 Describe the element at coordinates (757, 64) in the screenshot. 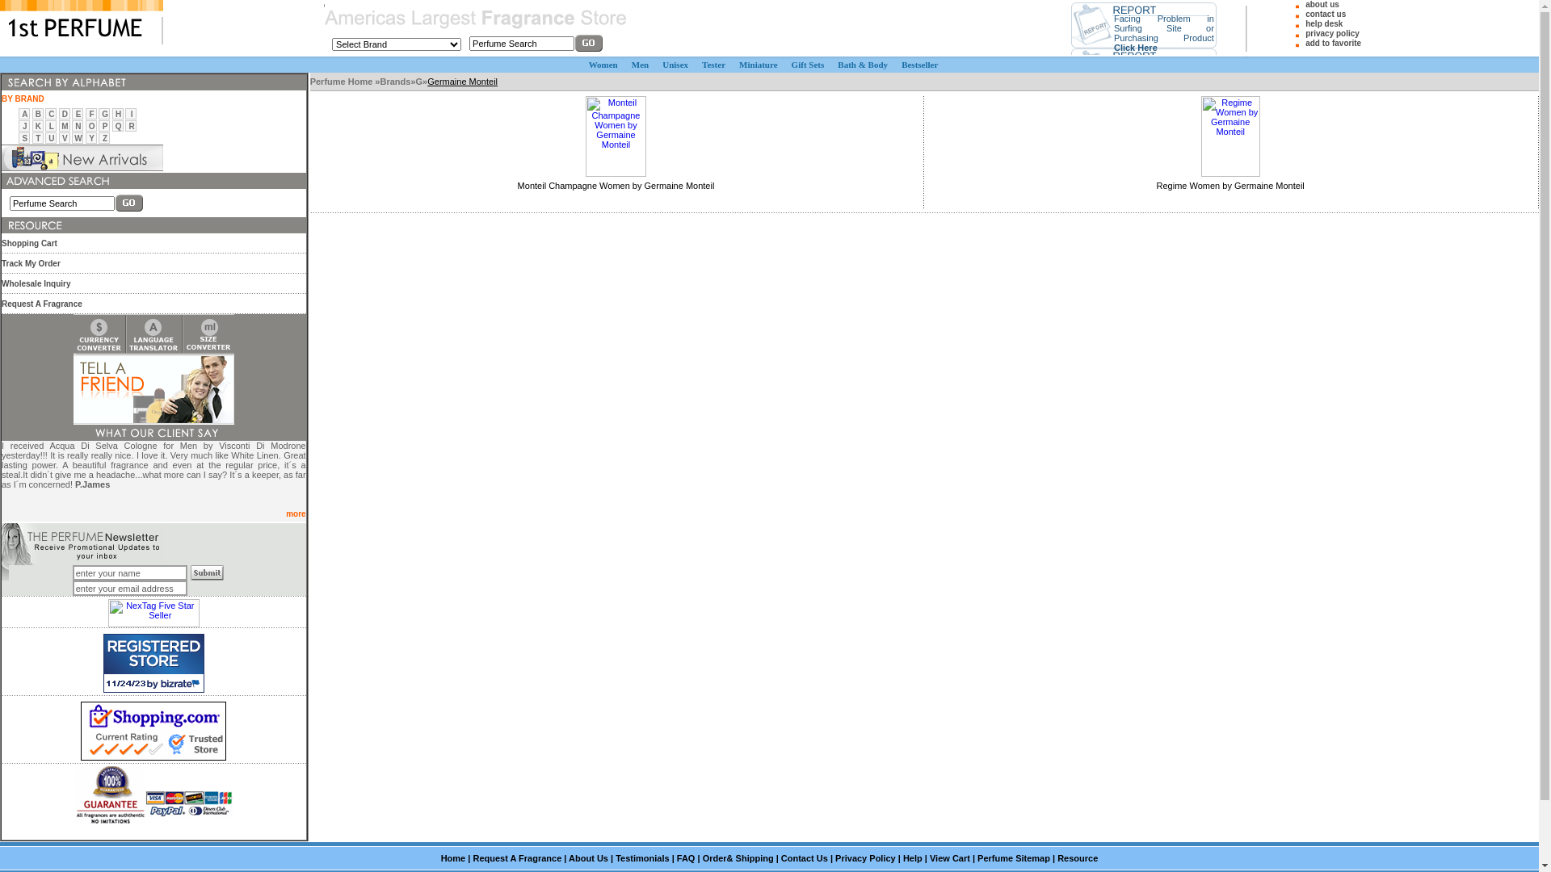

I see `'Miniature'` at that location.